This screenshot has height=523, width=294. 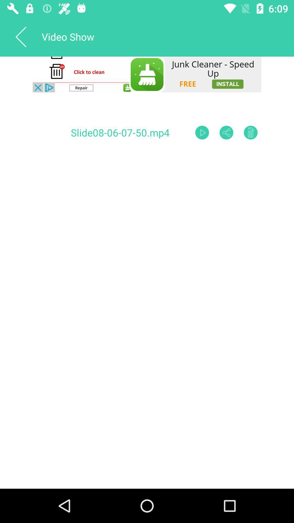 What do you see at coordinates (20, 36) in the screenshot?
I see `the arrow_backward icon` at bounding box center [20, 36].